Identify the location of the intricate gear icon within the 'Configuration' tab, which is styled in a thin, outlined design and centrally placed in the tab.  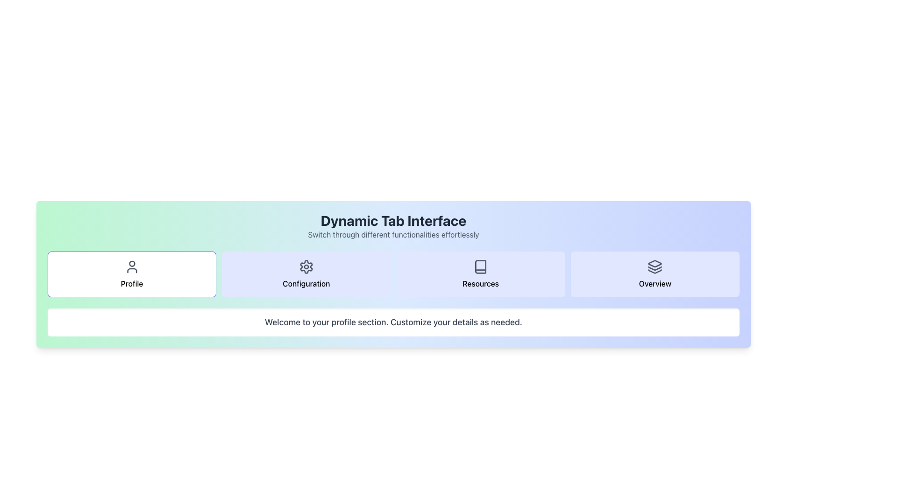
(306, 266).